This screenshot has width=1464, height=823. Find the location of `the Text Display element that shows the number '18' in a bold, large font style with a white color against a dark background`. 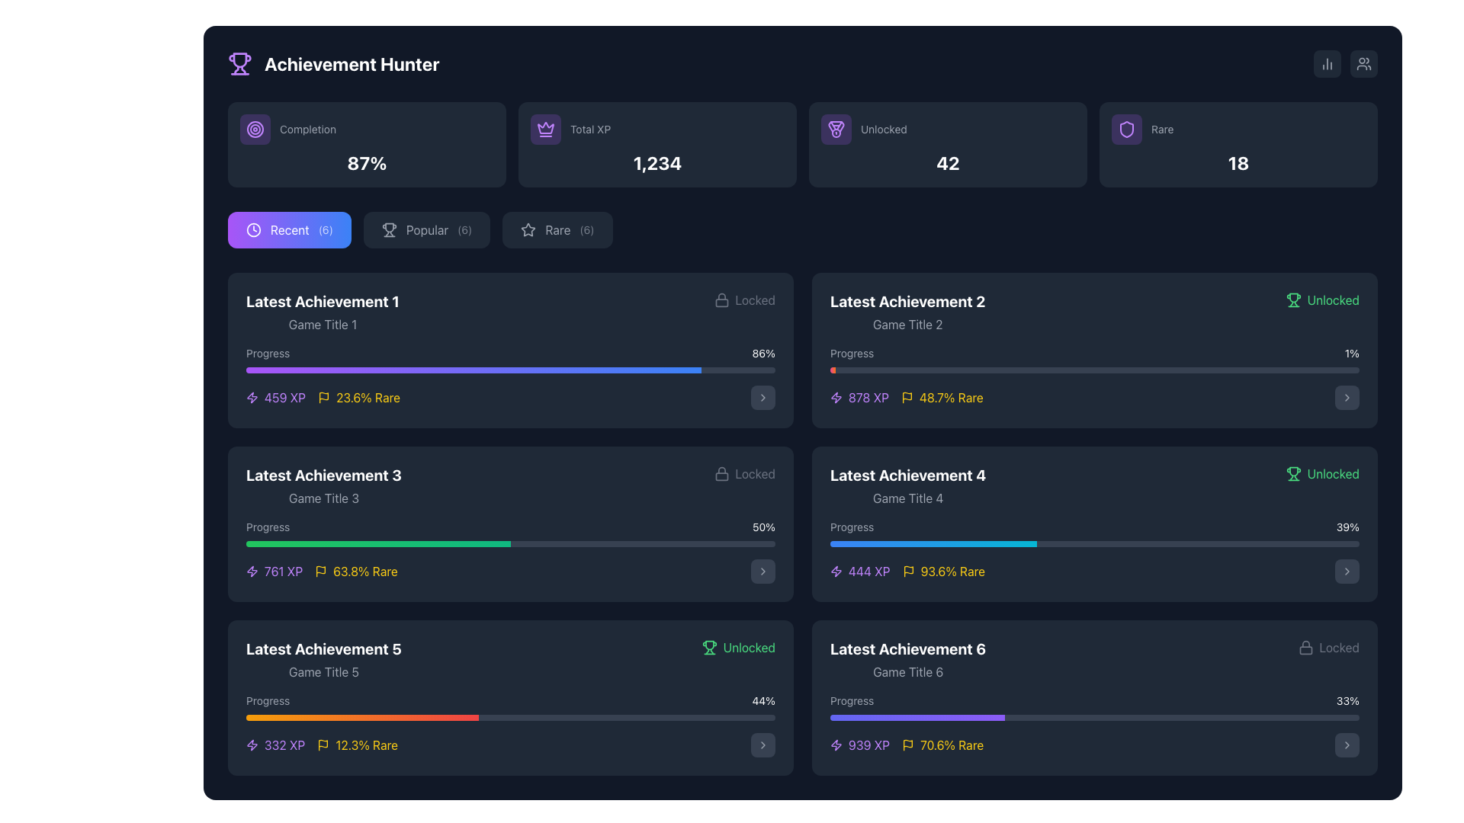

the Text Display element that shows the number '18' in a bold, large font style with a white color against a dark background is located at coordinates (1238, 162).